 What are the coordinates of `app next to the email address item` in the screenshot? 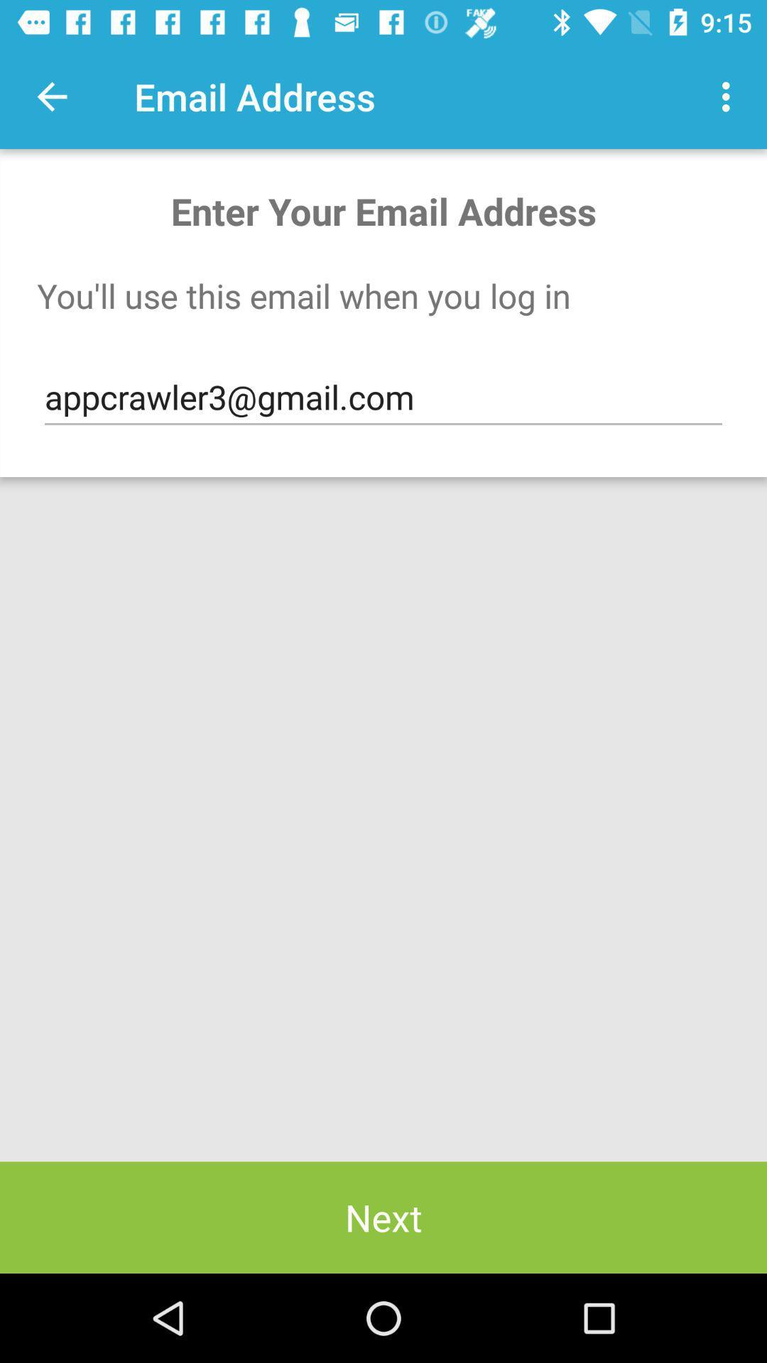 It's located at (51, 96).